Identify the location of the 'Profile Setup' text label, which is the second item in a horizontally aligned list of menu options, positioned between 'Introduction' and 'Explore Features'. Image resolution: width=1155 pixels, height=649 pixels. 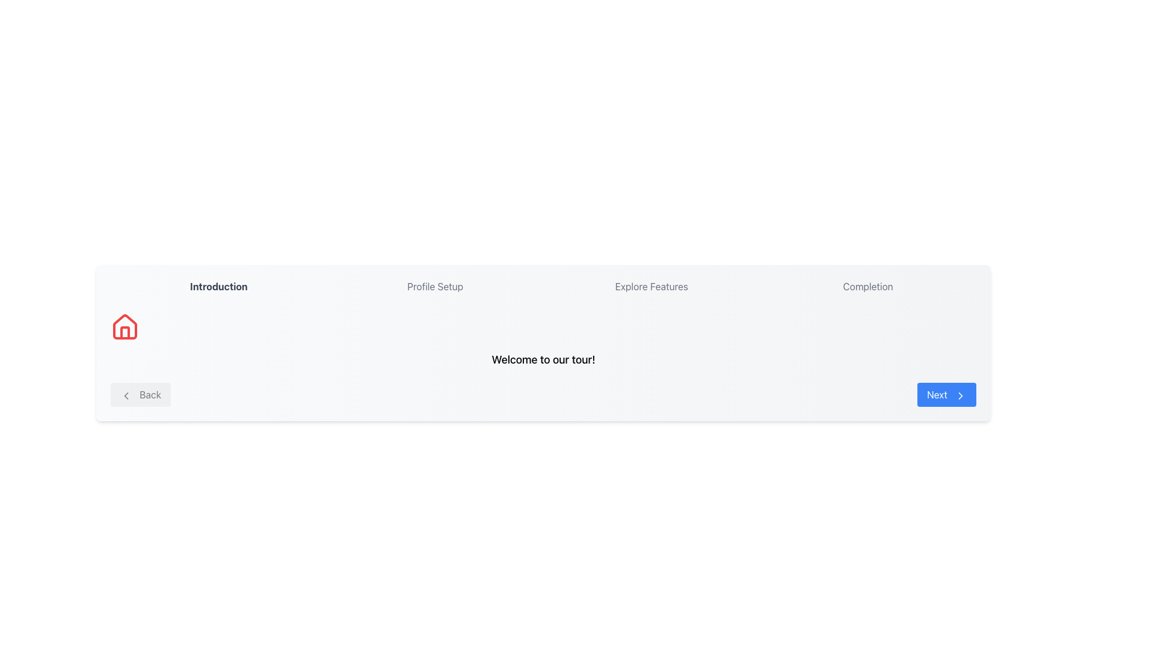
(434, 287).